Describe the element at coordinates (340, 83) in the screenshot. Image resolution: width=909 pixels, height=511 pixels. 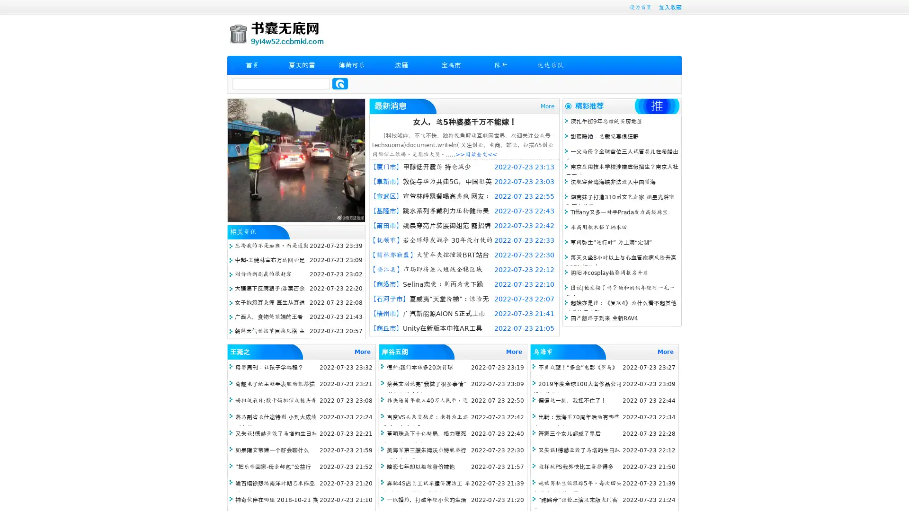
I see `Search` at that location.